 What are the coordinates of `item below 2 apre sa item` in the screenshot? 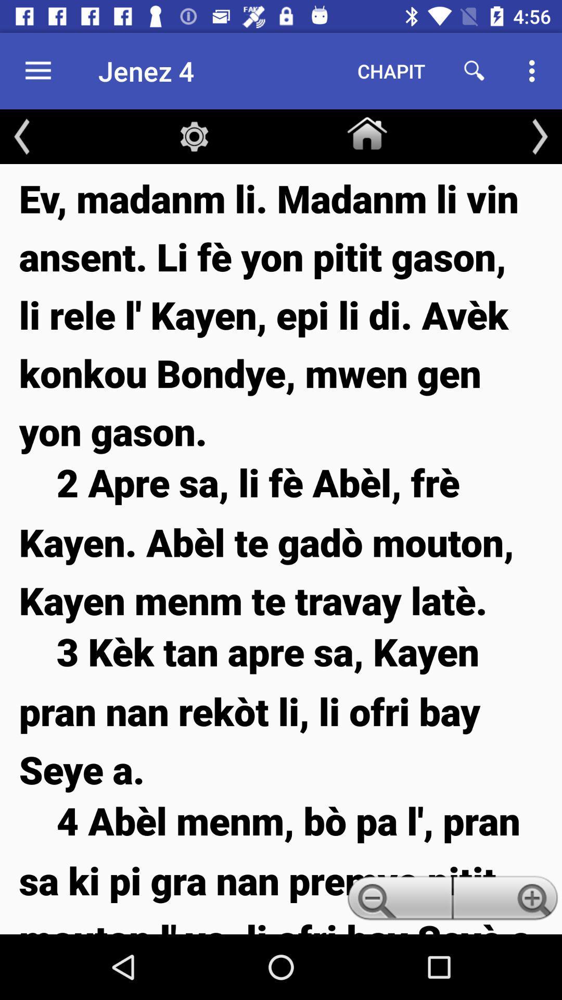 It's located at (281, 709).